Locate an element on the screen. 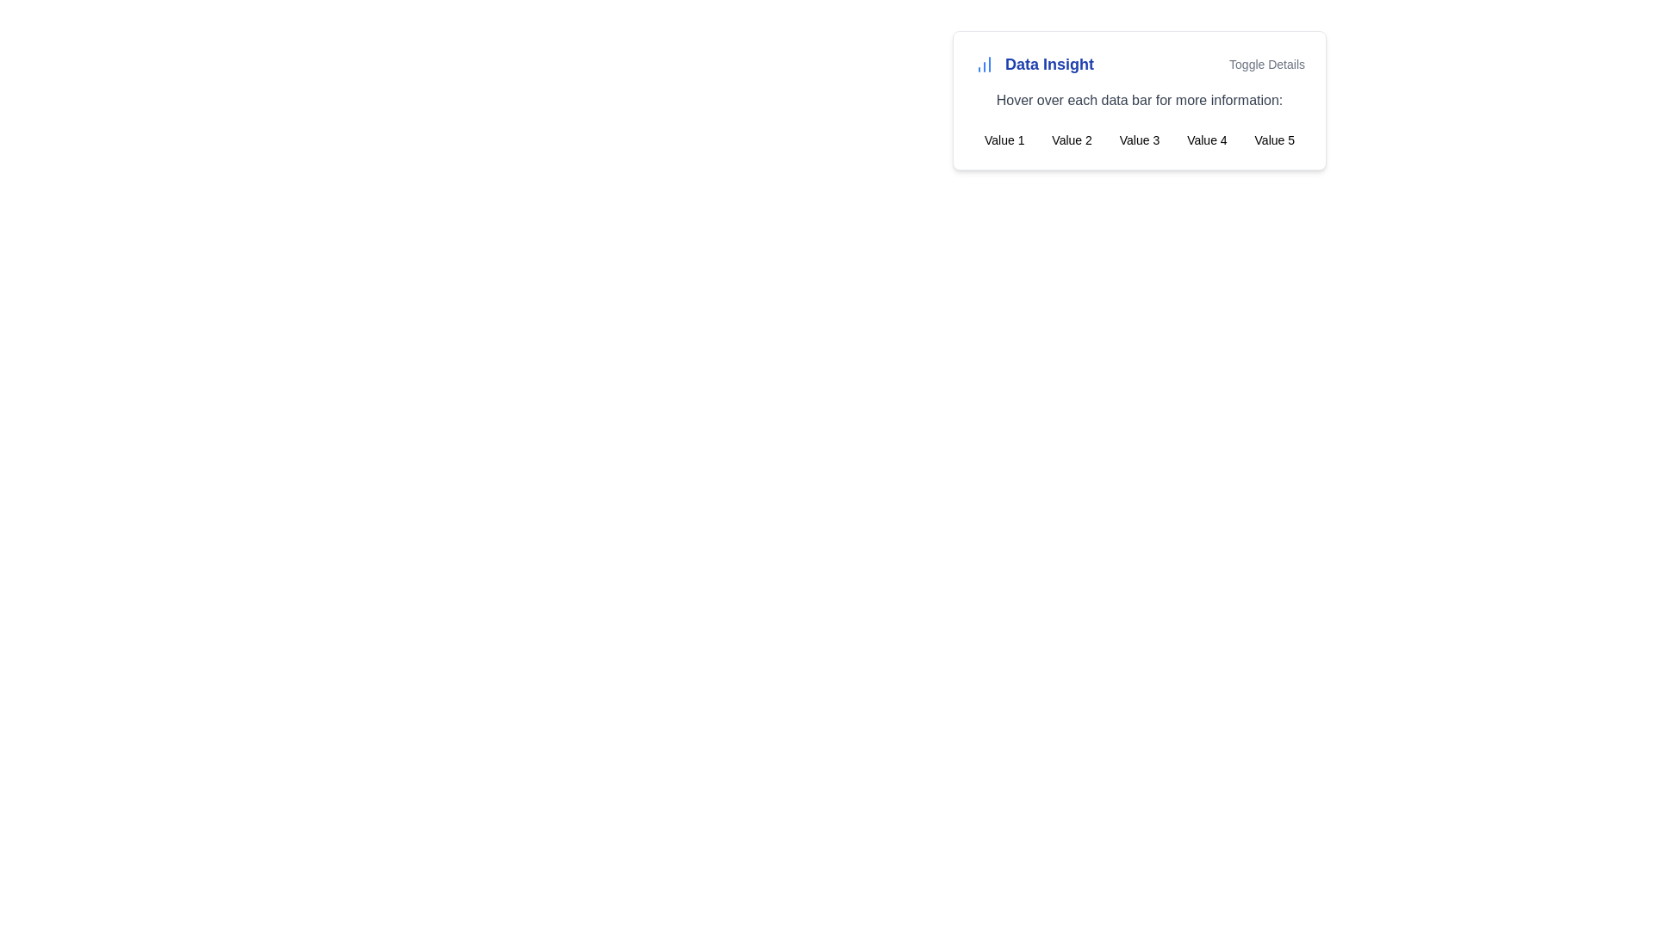  the text label 'Data Insight' which is styled in bold blue font and includes a blue bar chart icon on its left side, located at the top of the panel containing data-related values is located at coordinates (1034, 63).